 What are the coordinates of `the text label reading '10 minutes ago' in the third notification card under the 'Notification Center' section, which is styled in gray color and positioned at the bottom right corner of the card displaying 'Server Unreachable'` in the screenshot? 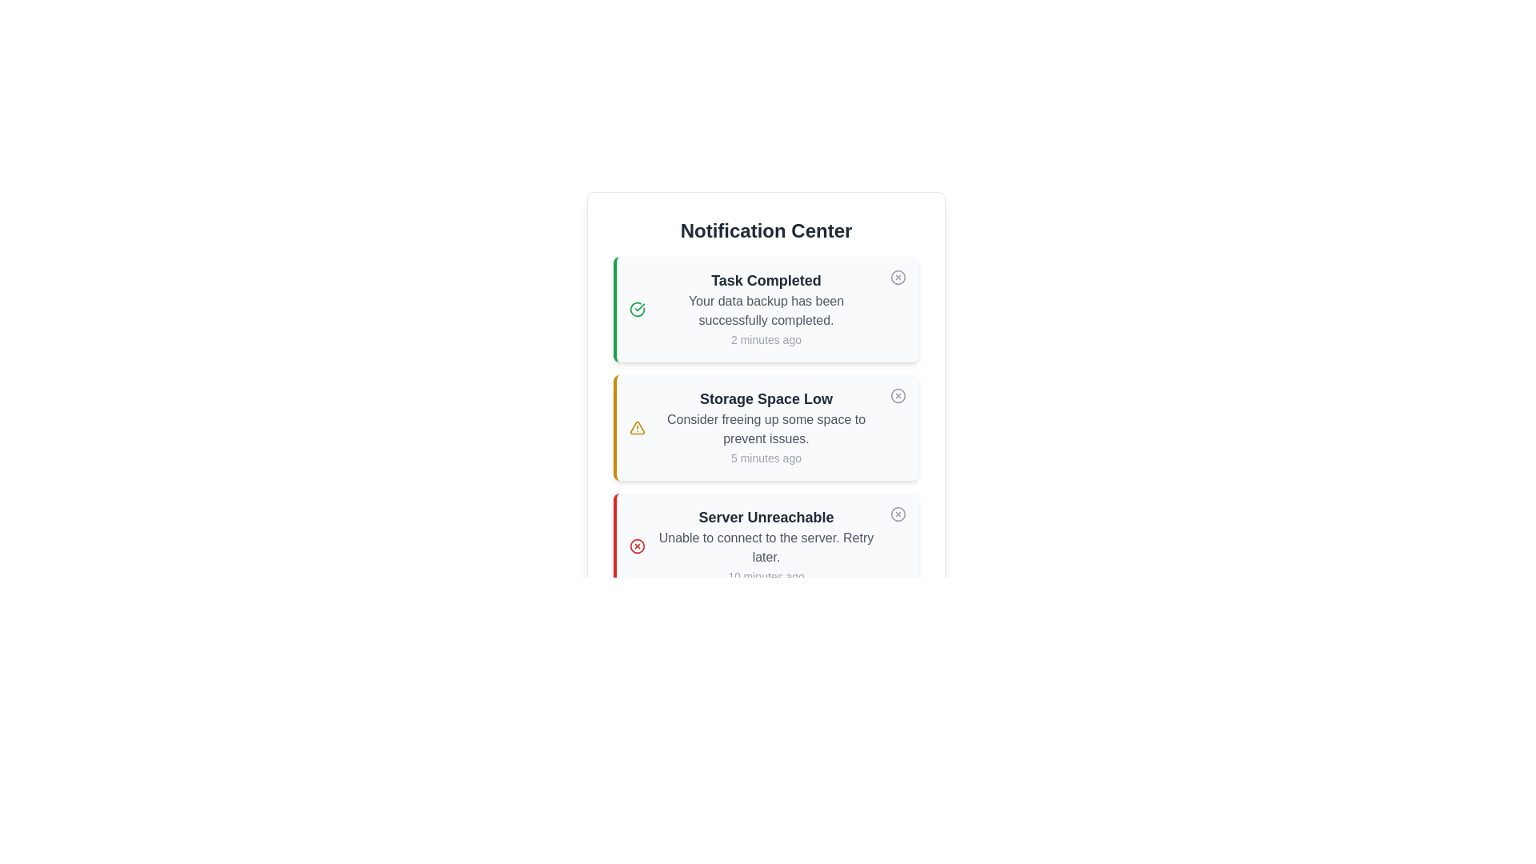 It's located at (766, 577).